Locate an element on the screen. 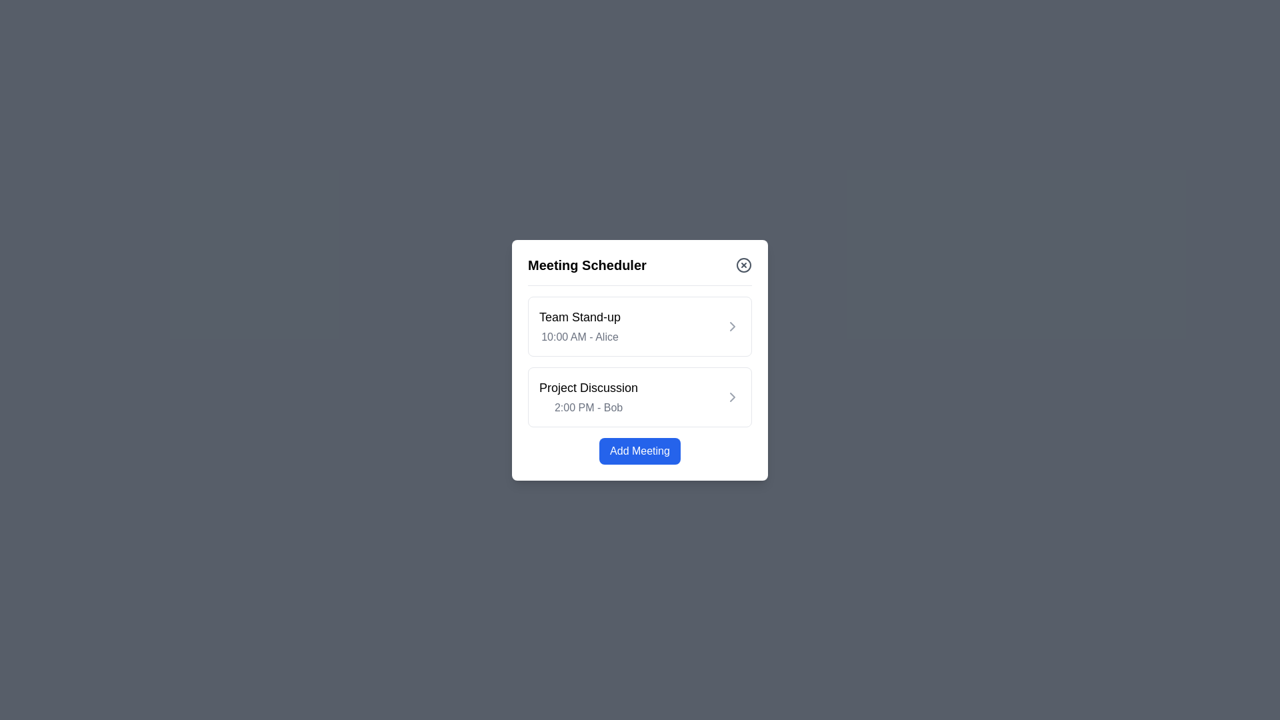 The width and height of the screenshot is (1280, 720). the right-pointing chevron icon located at the far right of the 'Team Stand-up' list item is located at coordinates (732, 326).